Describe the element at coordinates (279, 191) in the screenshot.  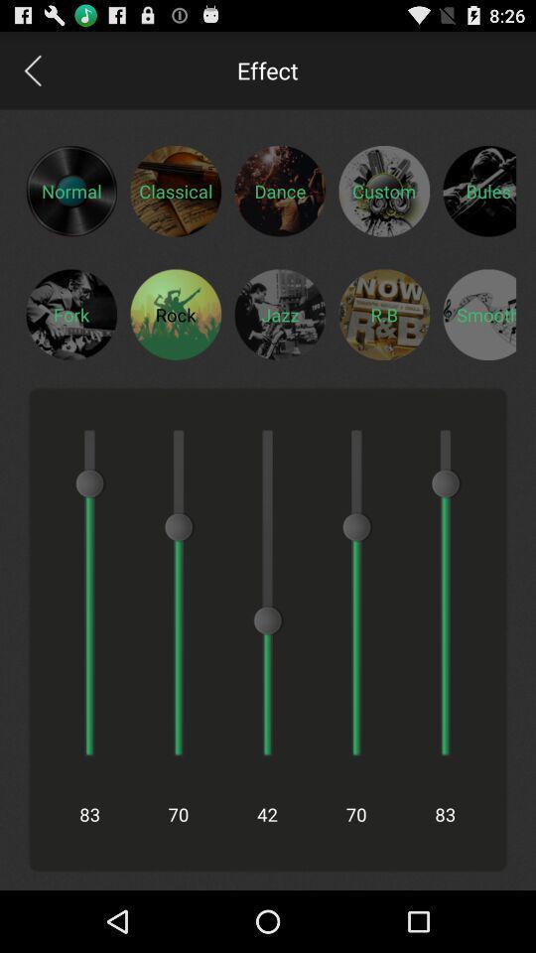
I see `click dance effect` at that location.